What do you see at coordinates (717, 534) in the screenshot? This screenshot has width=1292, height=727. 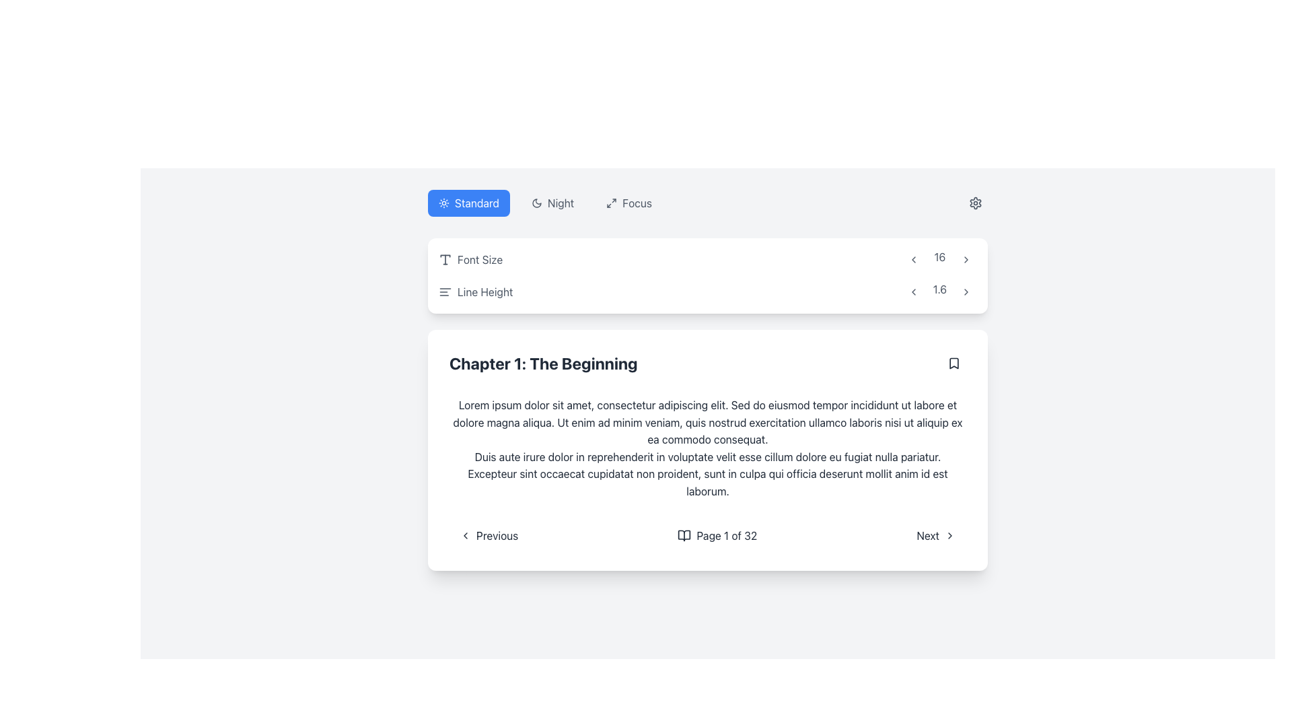 I see `the text displaying the current page number and total number of pages, which is centrally located in the navigation bar at the bottom of the content section` at bounding box center [717, 534].